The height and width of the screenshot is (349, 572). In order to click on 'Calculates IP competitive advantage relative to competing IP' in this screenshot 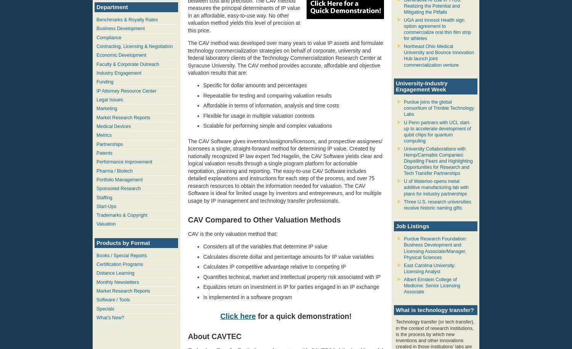, I will do `click(274, 267)`.